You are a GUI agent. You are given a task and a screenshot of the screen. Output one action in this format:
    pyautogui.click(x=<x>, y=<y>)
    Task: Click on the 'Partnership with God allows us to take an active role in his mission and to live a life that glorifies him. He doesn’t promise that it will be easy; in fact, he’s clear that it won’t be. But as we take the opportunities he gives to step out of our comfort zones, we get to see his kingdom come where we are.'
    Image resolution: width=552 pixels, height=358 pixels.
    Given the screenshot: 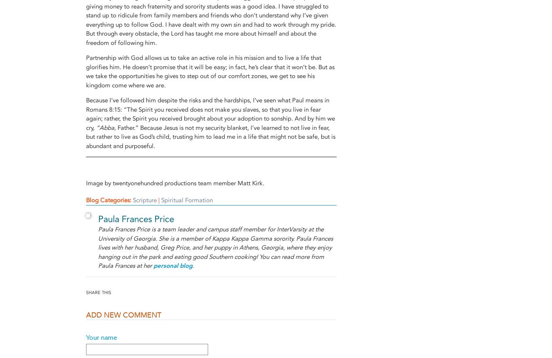 What is the action you would take?
    pyautogui.click(x=85, y=71)
    